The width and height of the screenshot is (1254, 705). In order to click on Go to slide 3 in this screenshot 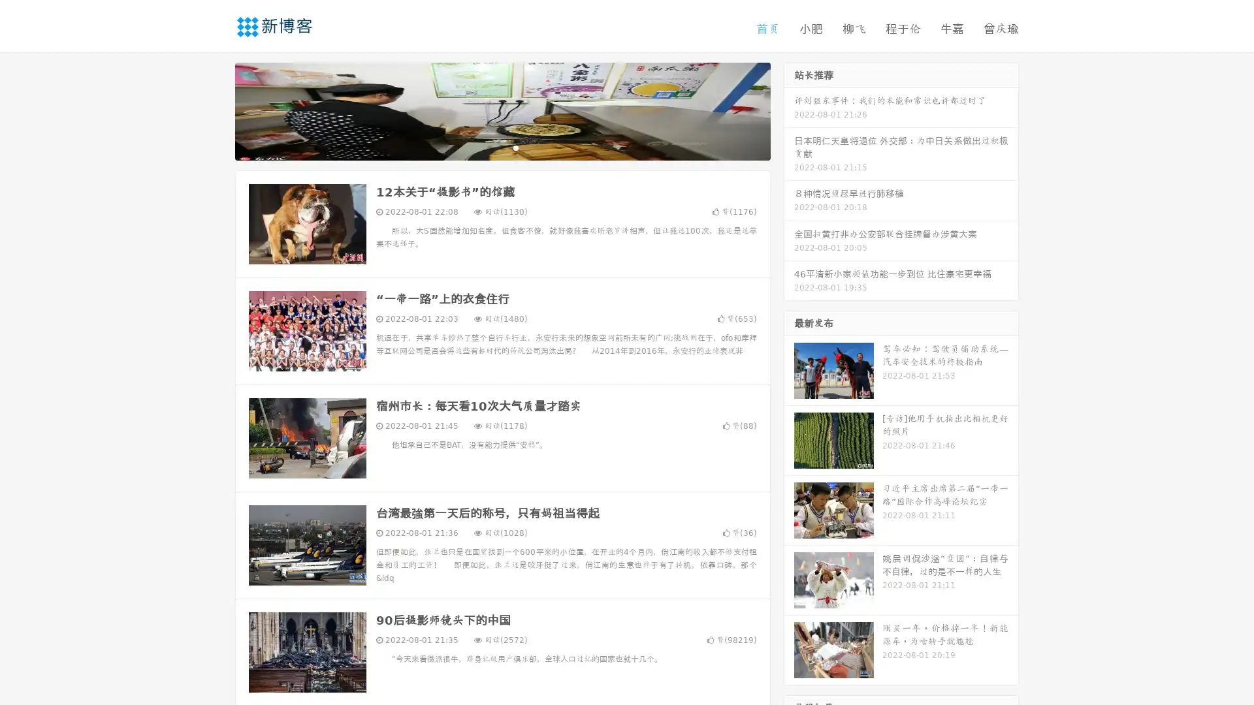, I will do `click(515, 147)`.